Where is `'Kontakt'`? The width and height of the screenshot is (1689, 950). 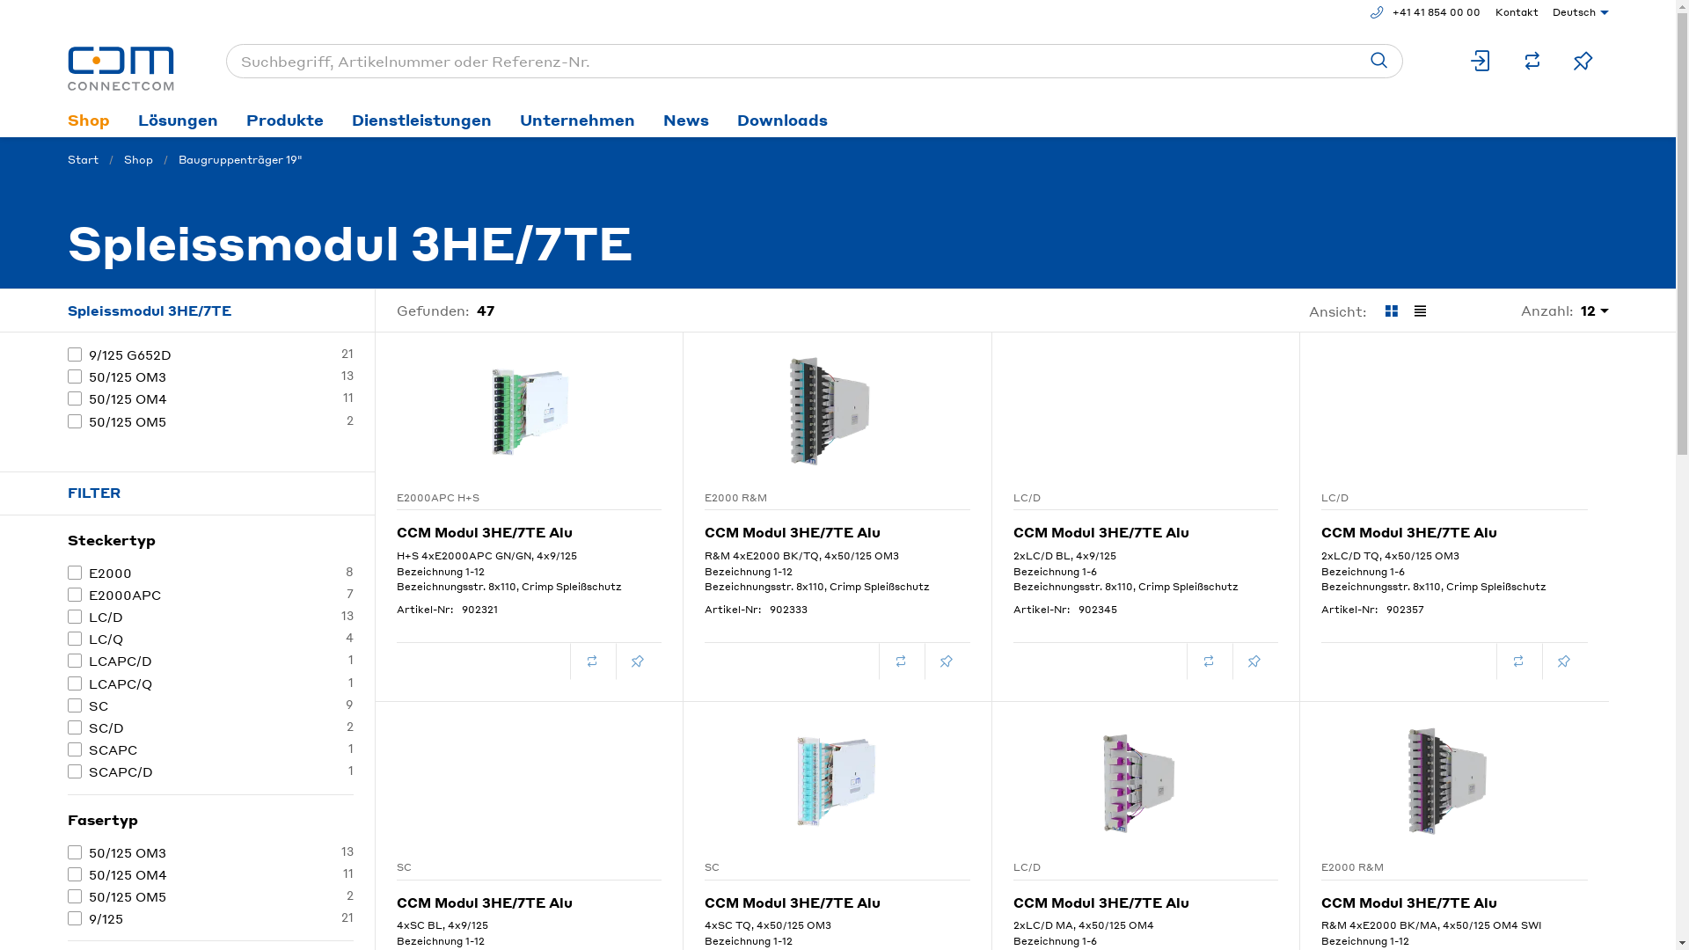
'Kontakt' is located at coordinates (1512, 12).